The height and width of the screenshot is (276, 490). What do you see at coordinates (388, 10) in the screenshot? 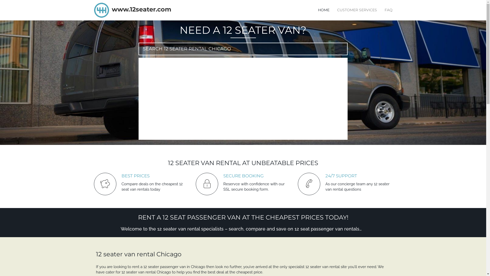
I see `'FAQ'` at bounding box center [388, 10].